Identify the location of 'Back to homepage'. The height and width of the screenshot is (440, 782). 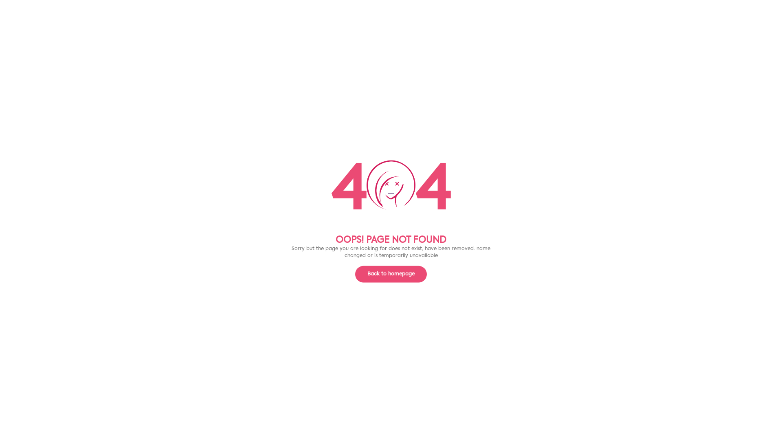
(391, 274).